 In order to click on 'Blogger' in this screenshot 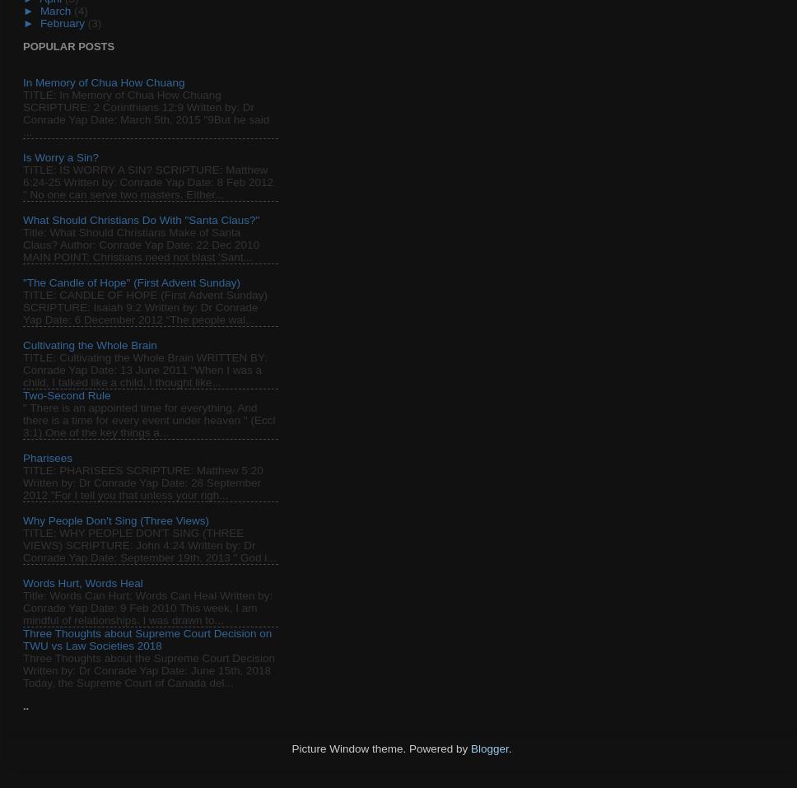, I will do `click(470, 748)`.